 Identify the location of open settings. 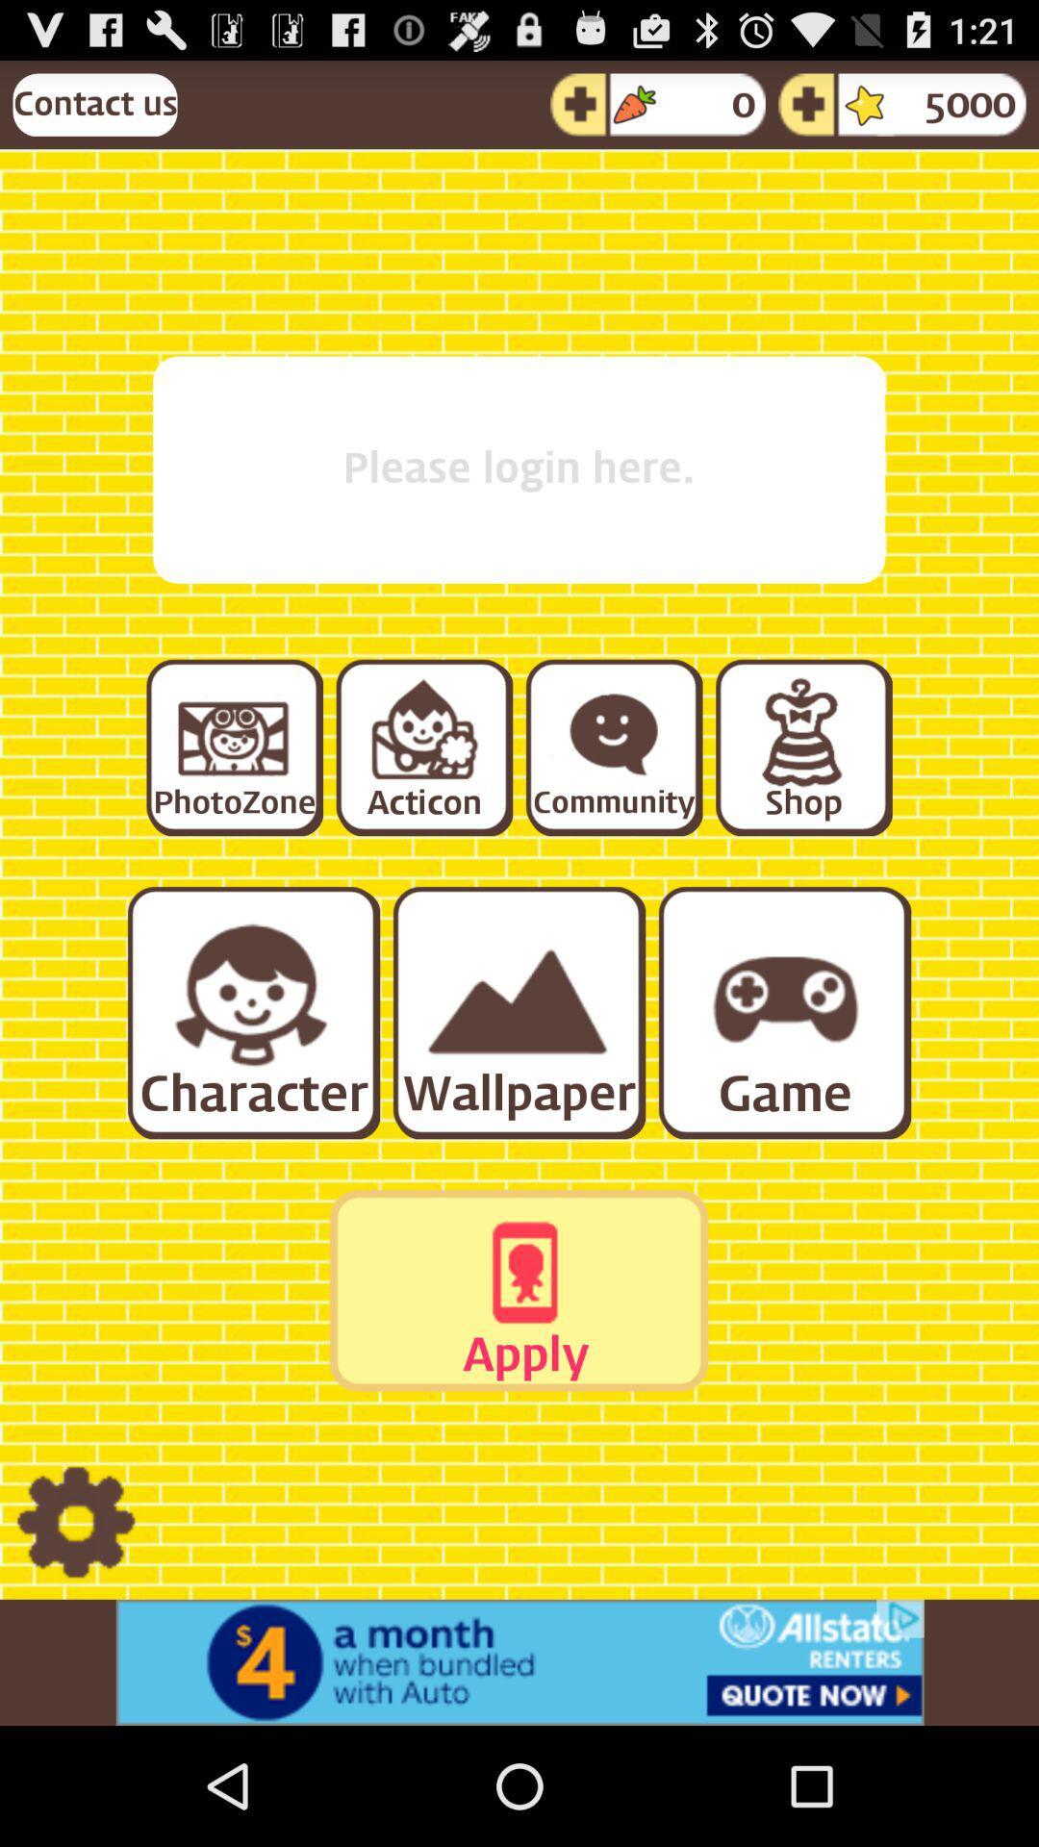
(75, 1522).